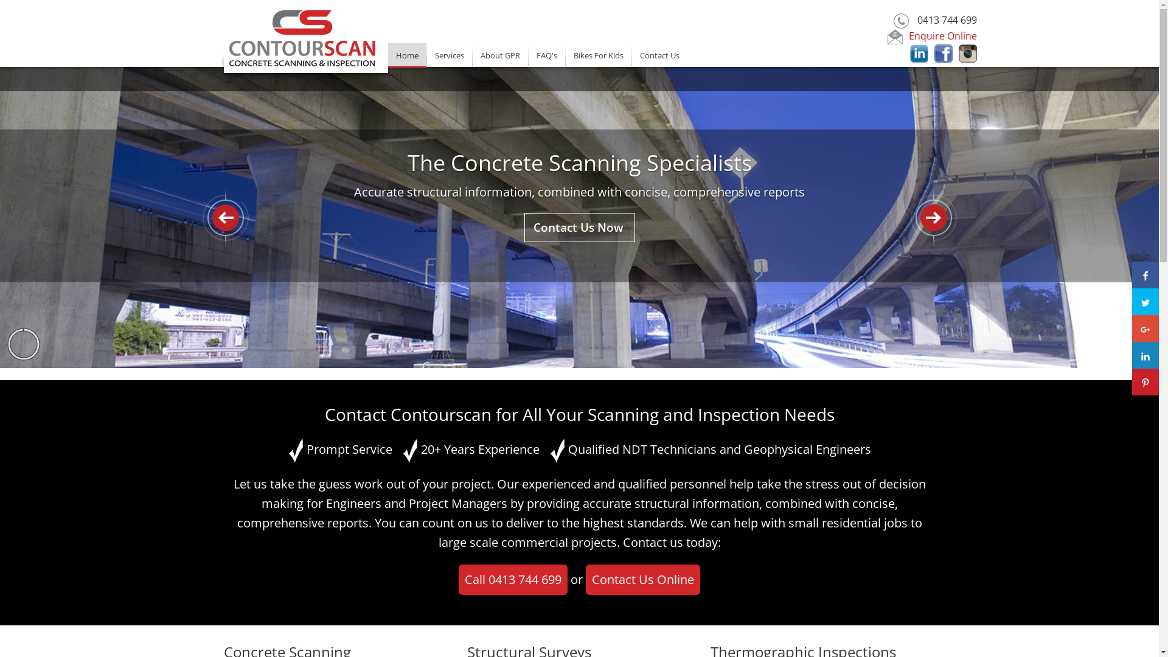 The width and height of the screenshot is (1168, 657). What do you see at coordinates (545, 54) in the screenshot?
I see `'FAQ's'` at bounding box center [545, 54].